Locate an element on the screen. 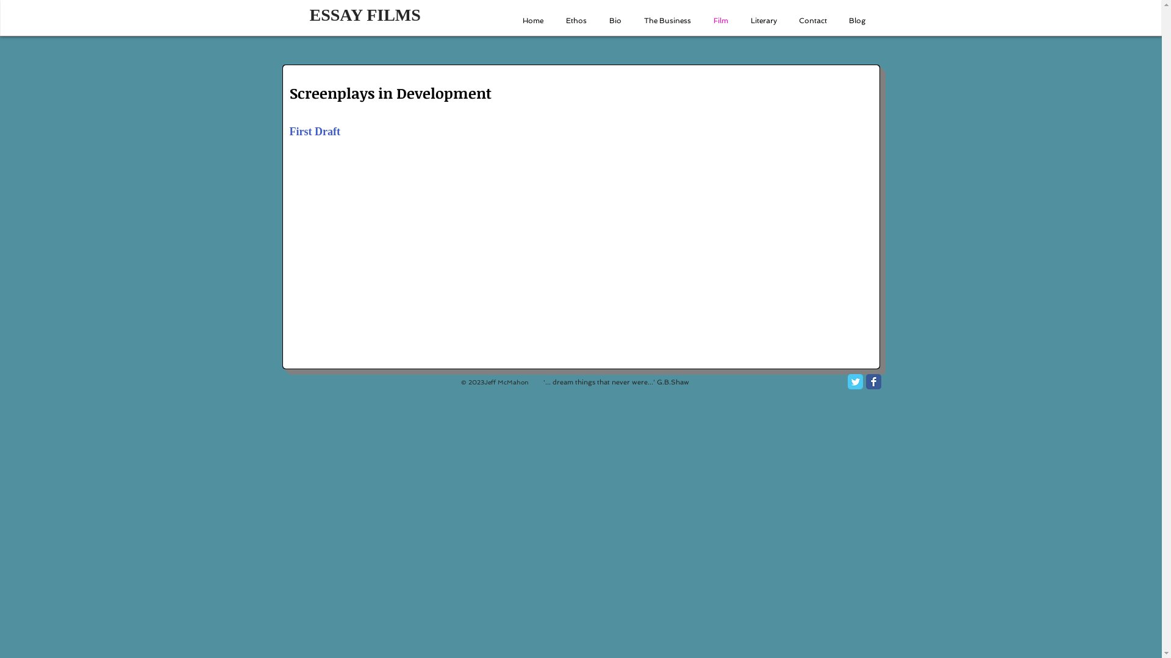 This screenshot has height=658, width=1171. 'Blog' is located at coordinates (855, 21).